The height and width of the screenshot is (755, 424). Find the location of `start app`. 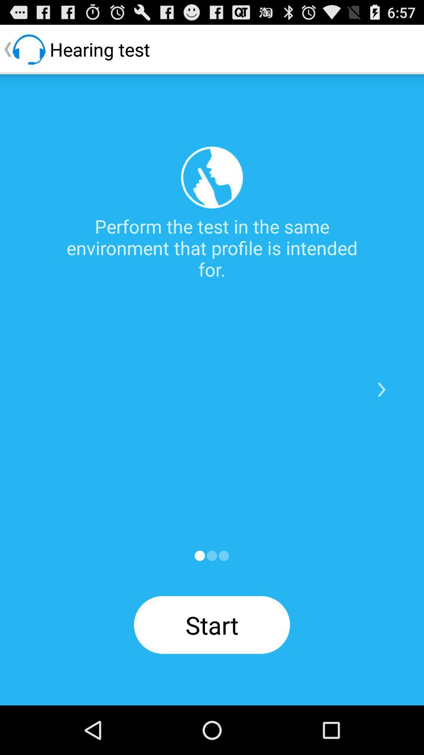

start app is located at coordinates (211, 555).